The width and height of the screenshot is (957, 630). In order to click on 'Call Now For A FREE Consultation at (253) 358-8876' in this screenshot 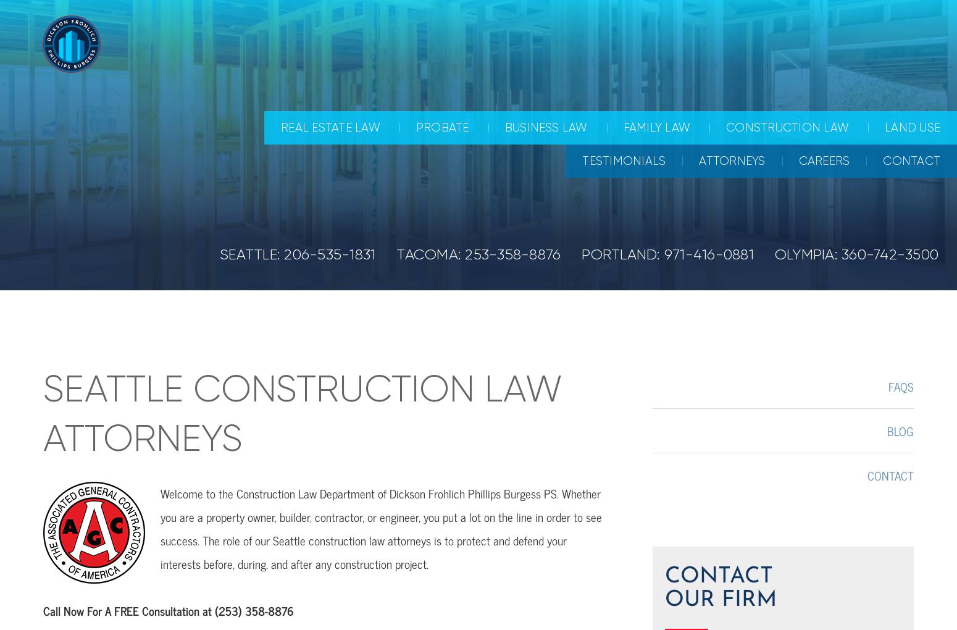, I will do `click(168, 610)`.